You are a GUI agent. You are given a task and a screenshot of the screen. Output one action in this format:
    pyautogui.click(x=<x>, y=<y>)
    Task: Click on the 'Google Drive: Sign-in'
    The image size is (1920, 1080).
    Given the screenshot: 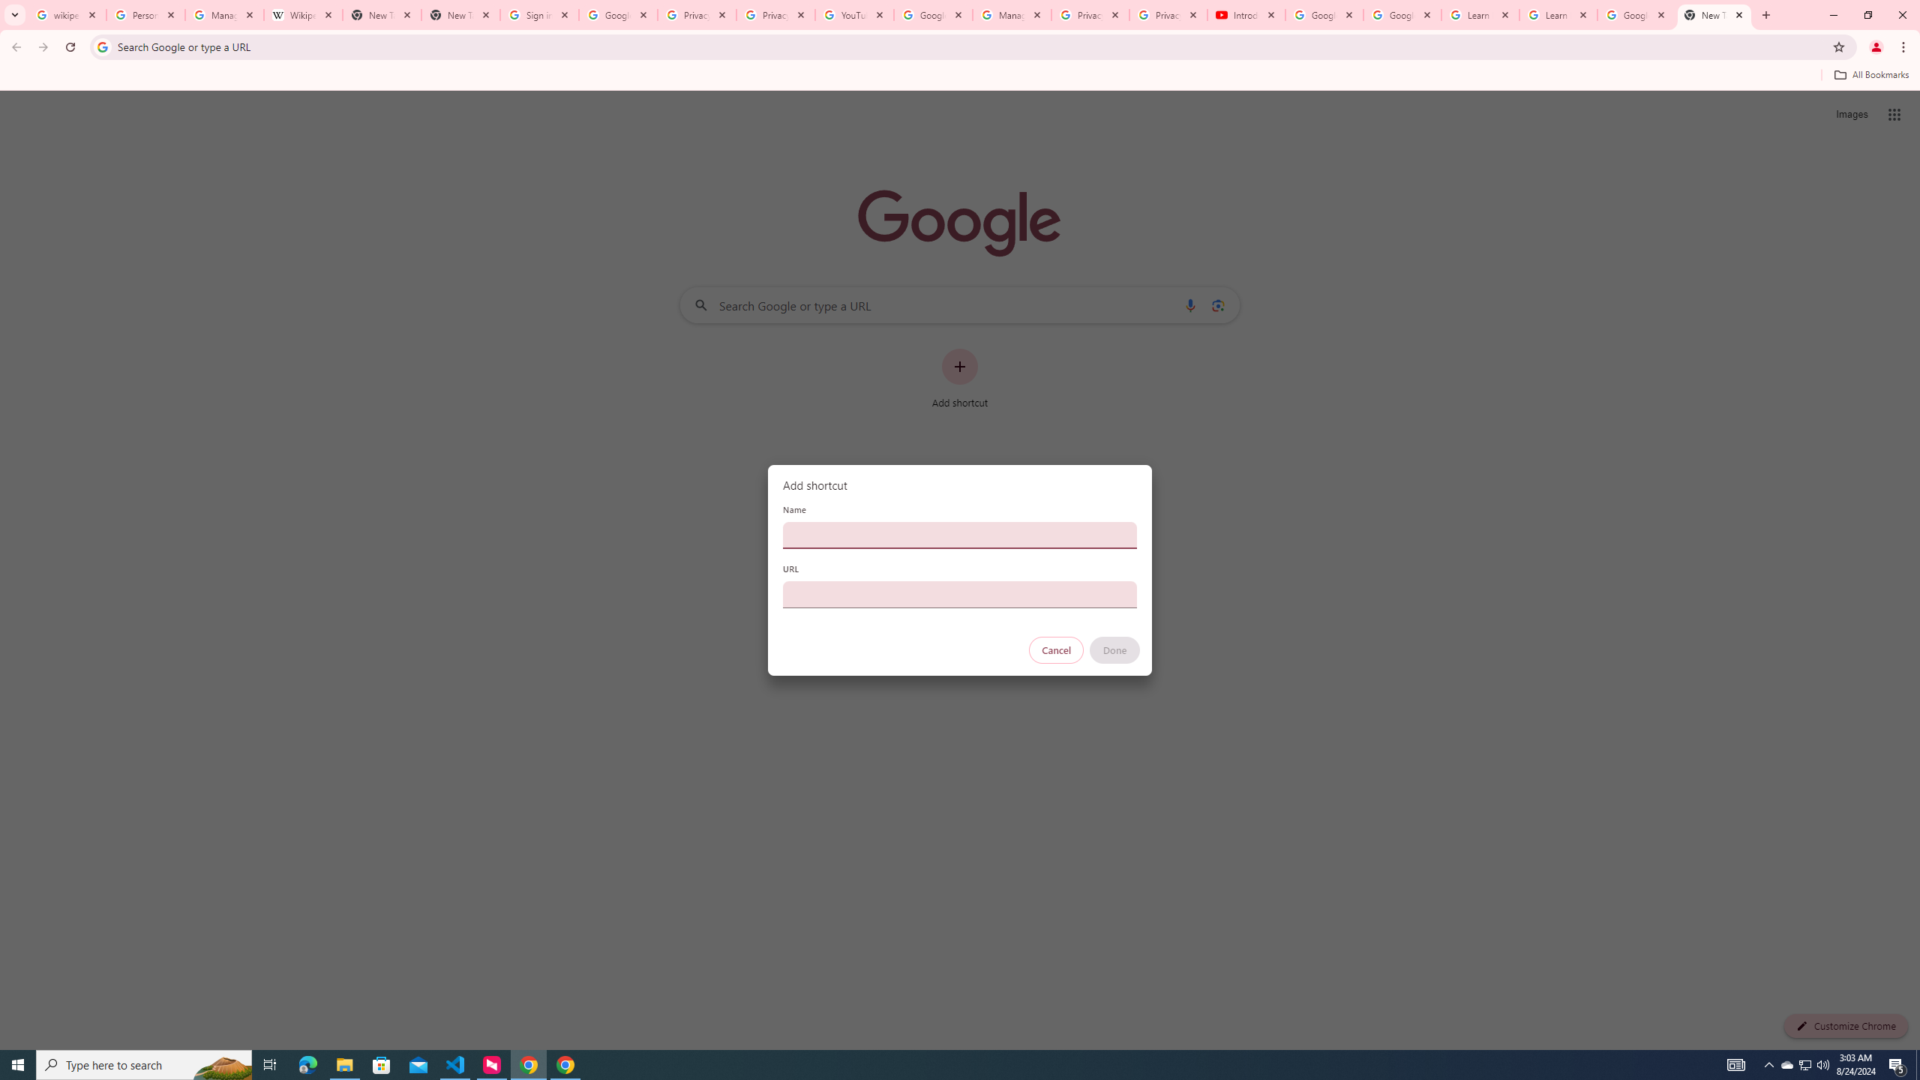 What is the action you would take?
    pyautogui.click(x=617, y=14)
    